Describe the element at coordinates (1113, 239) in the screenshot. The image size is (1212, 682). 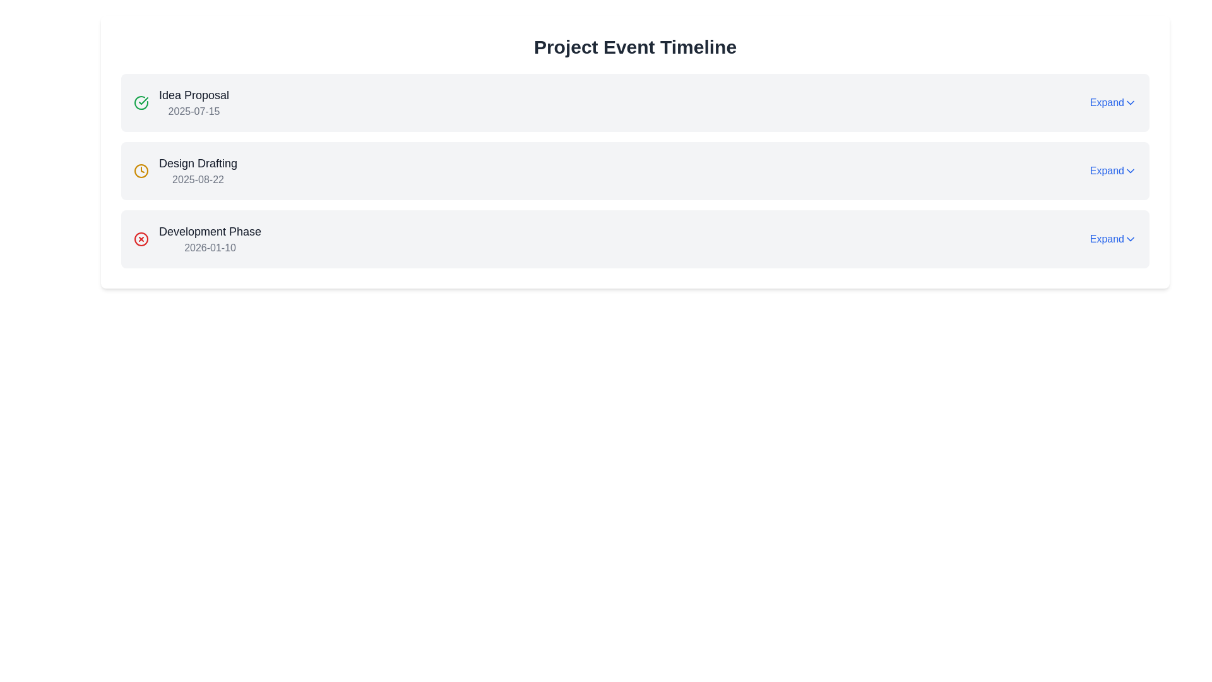
I see `the third 'Expand' button styled in blue, labeled 'Expand', located on the right side of the 'Development Phase' timeline item` at that location.